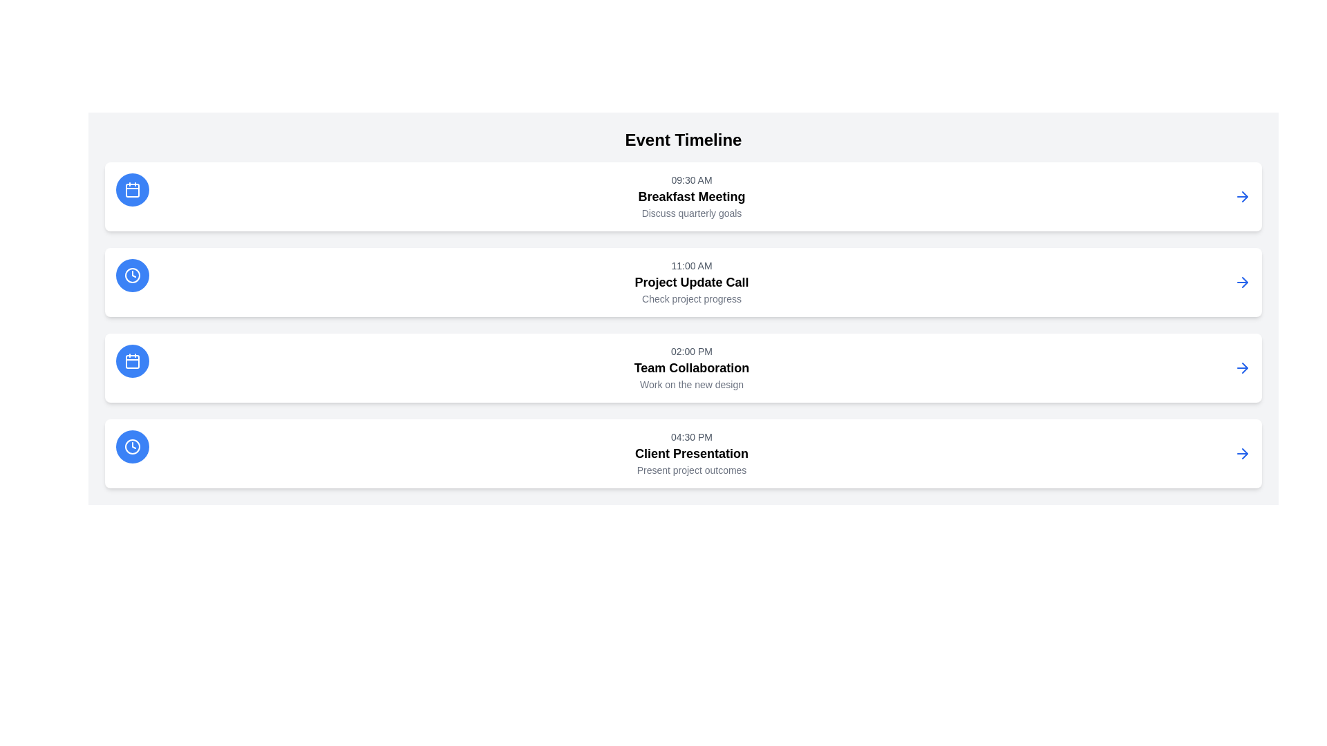 Image resolution: width=1327 pixels, height=746 pixels. I want to click on the Text Label representing the title of the scheduled event, located below the timestamp '04:30 PM' and above the description 'Present project outcomes' in the fourth section of the event timeline list, so click(692, 453).